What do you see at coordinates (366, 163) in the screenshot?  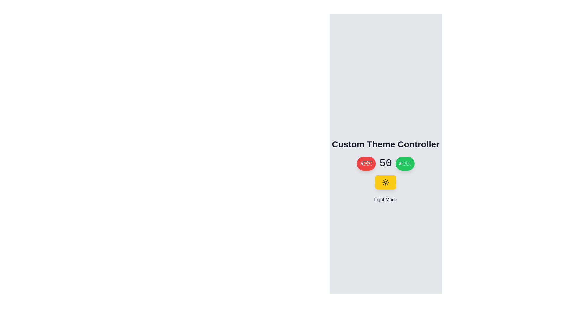 I see `the decrement button located to the left of the central number '50' to observe the hover effect` at bounding box center [366, 163].